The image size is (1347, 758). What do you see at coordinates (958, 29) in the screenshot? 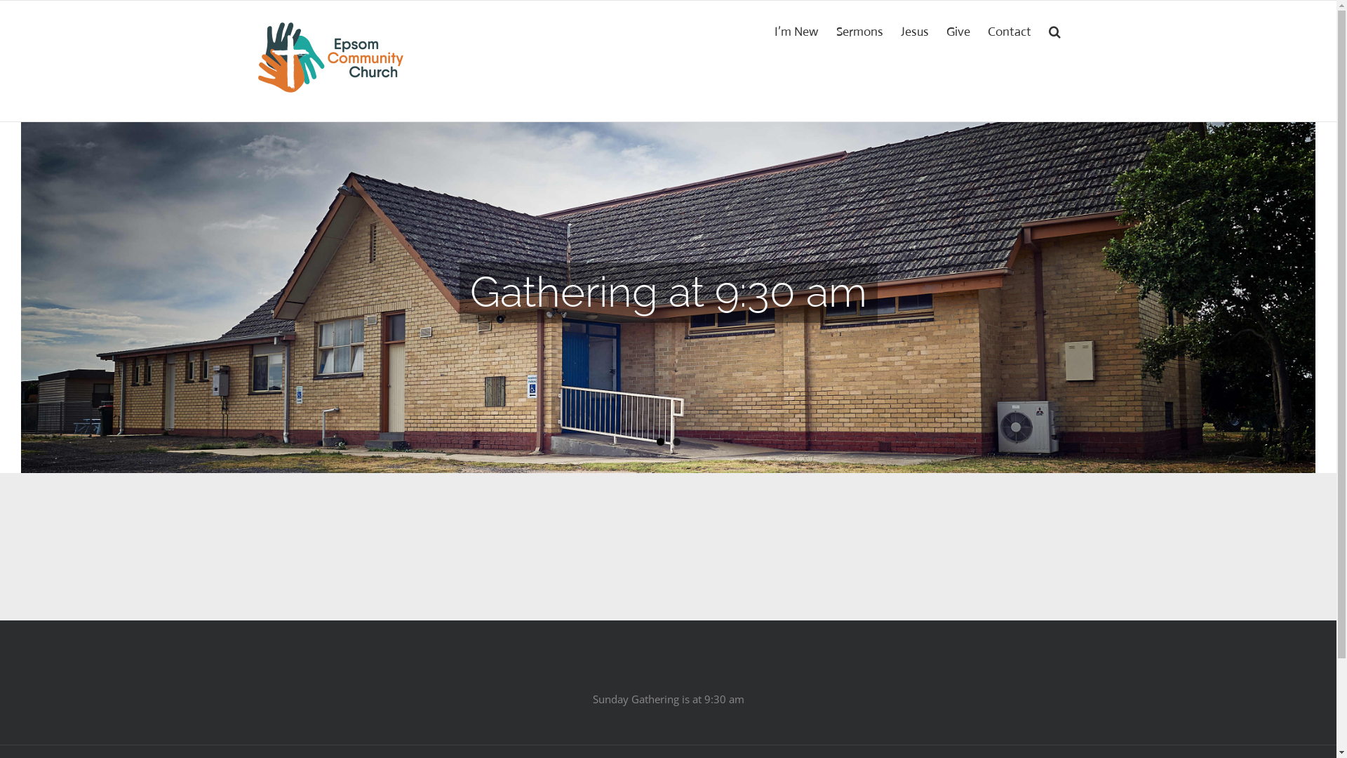
I see `'Give'` at bounding box center [958, 29].